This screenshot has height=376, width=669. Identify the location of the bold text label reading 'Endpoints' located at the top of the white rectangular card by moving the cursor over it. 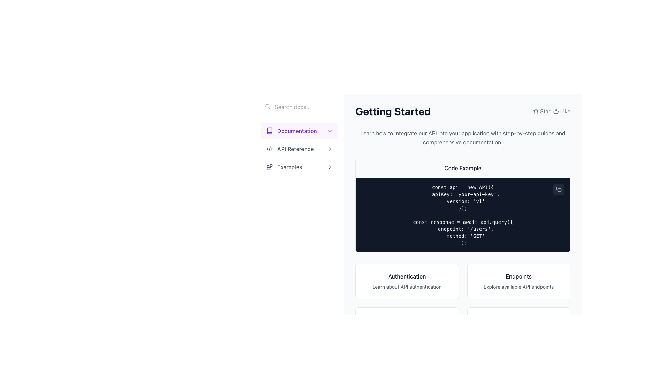
(518, 276).